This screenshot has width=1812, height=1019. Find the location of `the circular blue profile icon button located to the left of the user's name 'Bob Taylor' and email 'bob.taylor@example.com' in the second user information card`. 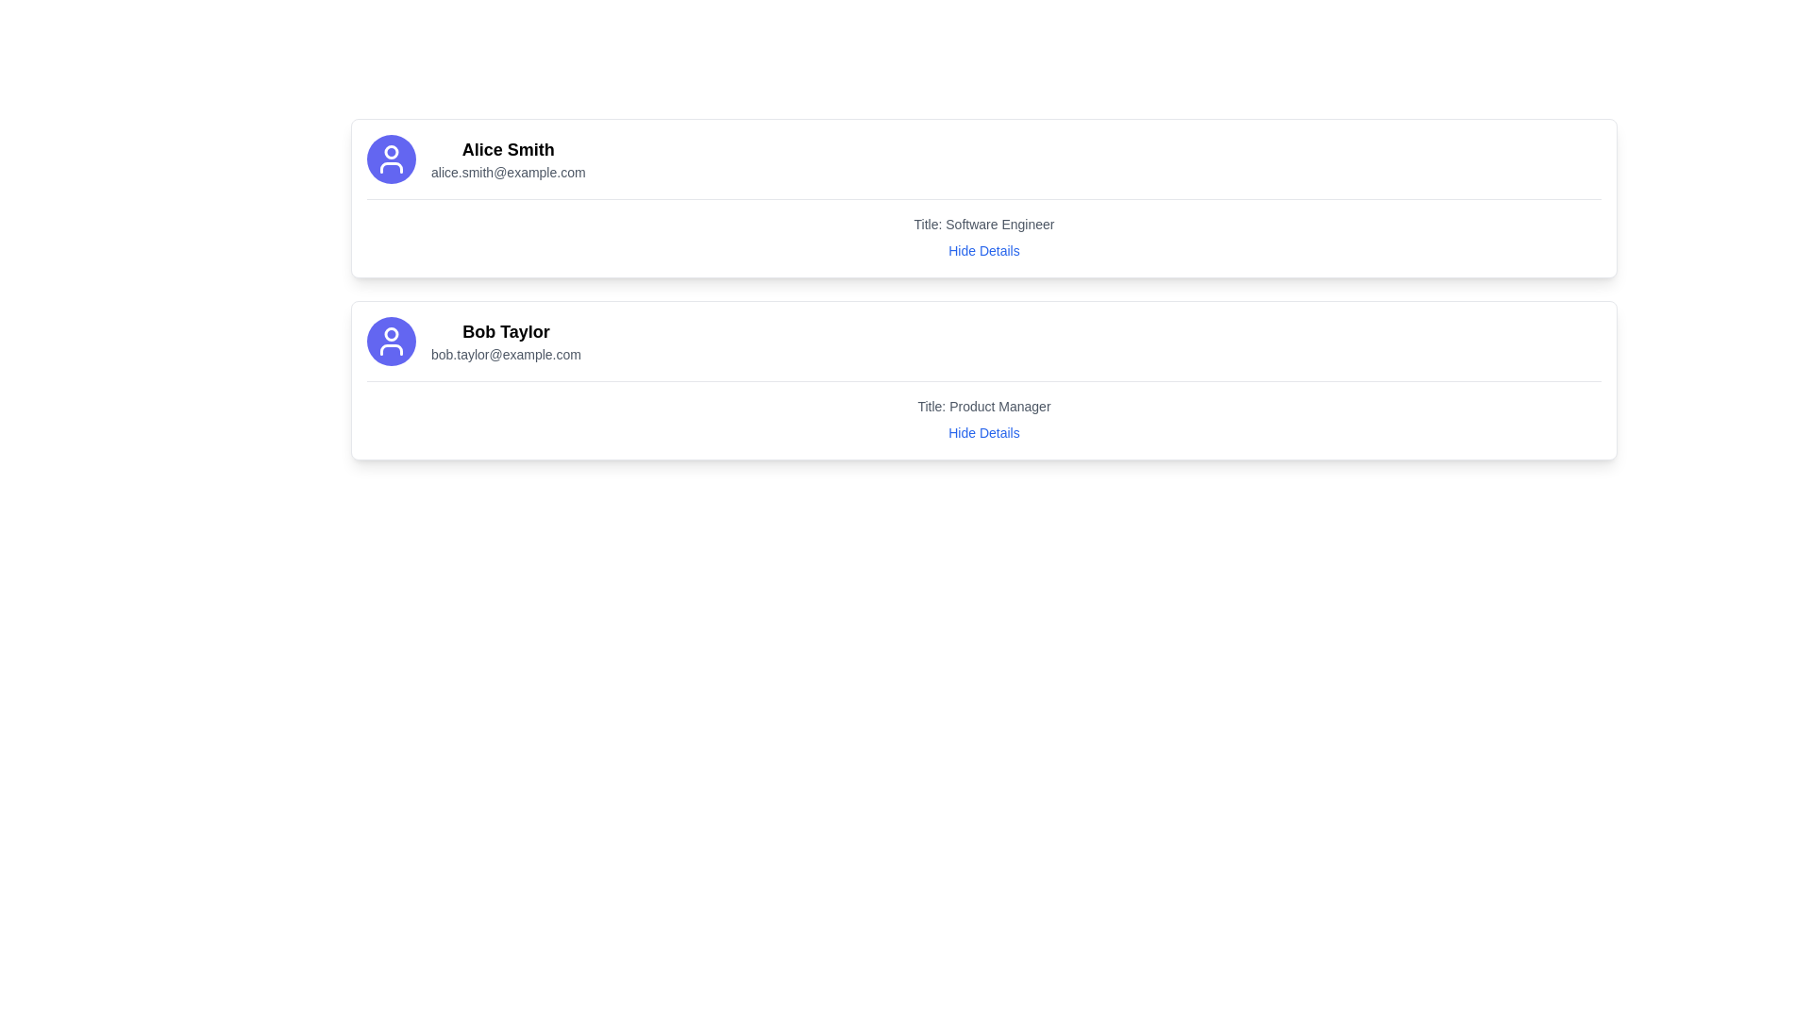

the circular blue profile icon button located to the left of the user's name 'Bob Taylor' and email 'bob.taylor@example.com' in the second user information card is located at coordinates (390, 342).